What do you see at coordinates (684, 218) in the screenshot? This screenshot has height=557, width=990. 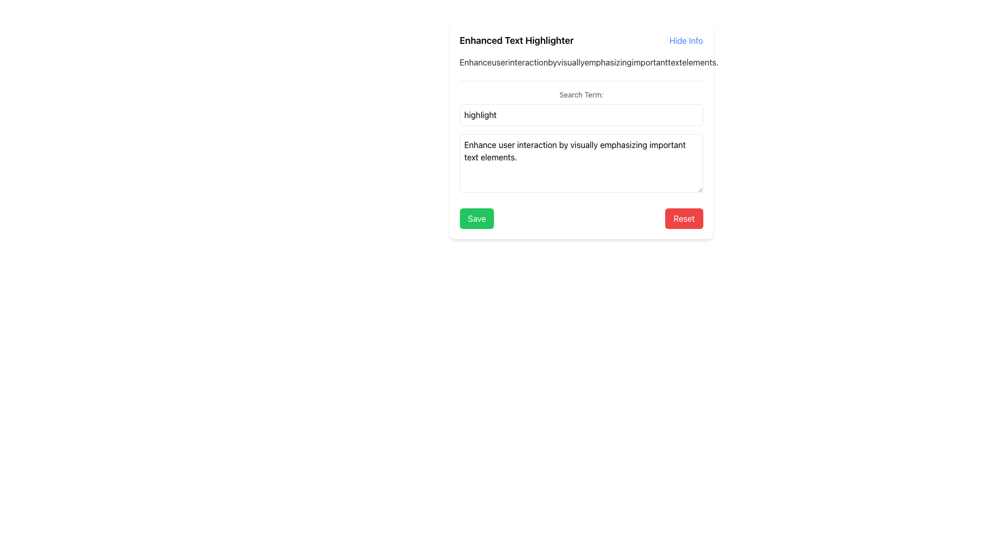 I see `the 'Reset' button located to the right of the 'Save' button in the bottom section of the interface` at bounding box center [684, 218].